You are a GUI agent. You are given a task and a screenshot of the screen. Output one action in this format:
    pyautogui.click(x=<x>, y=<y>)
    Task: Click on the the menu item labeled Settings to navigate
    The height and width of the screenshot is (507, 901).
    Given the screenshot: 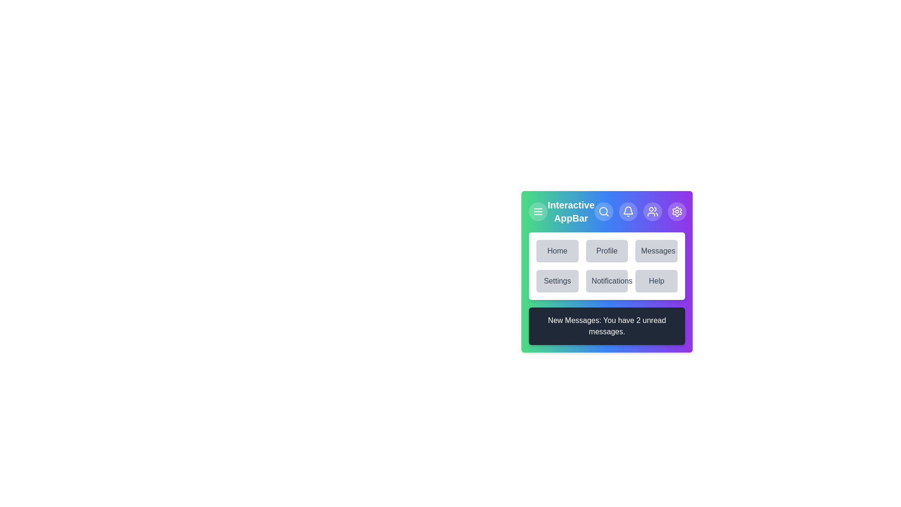 What is the action you would take?
    pyautogui.click(x=557, y=280)
    